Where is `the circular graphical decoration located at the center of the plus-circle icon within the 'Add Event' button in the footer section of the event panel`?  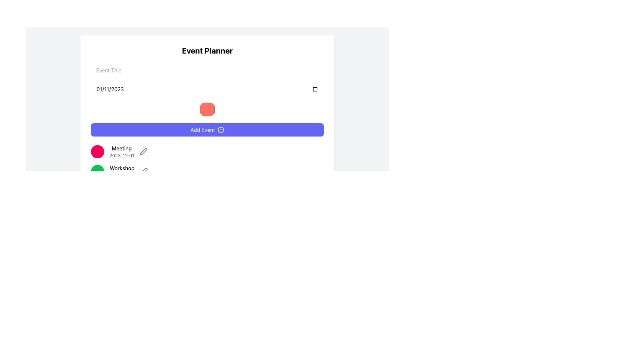
the circular graphical decoration located at the center of the plus-circle icon within the 'Add Event' button in the footer section of the event panel is located at coordinates (221, 130).